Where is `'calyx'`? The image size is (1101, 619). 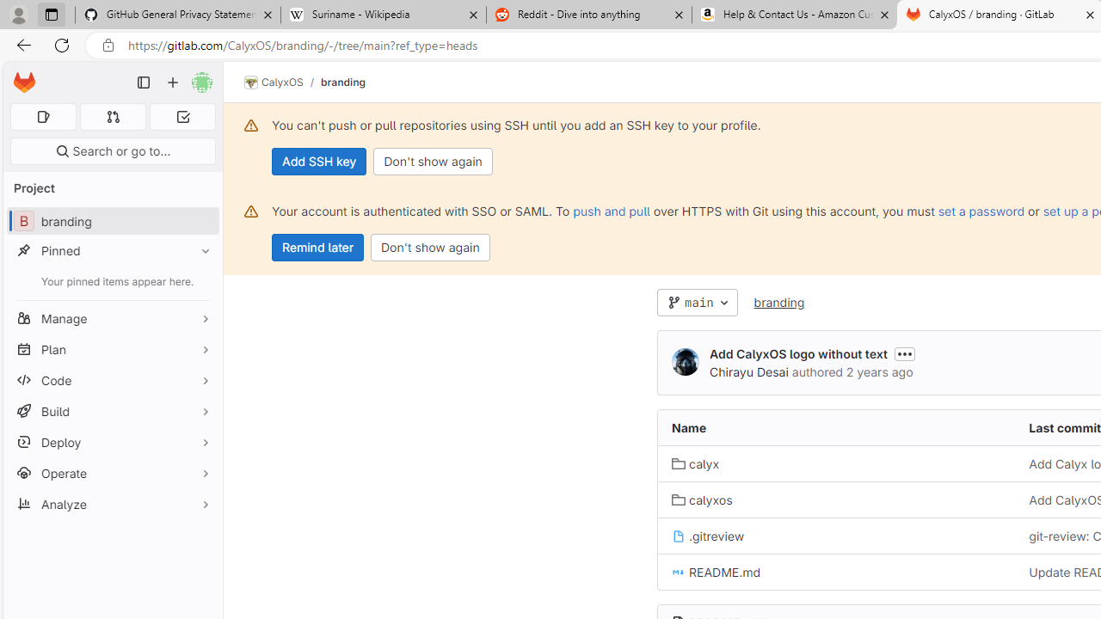
'calyx' is located at coordinates (695, 463).